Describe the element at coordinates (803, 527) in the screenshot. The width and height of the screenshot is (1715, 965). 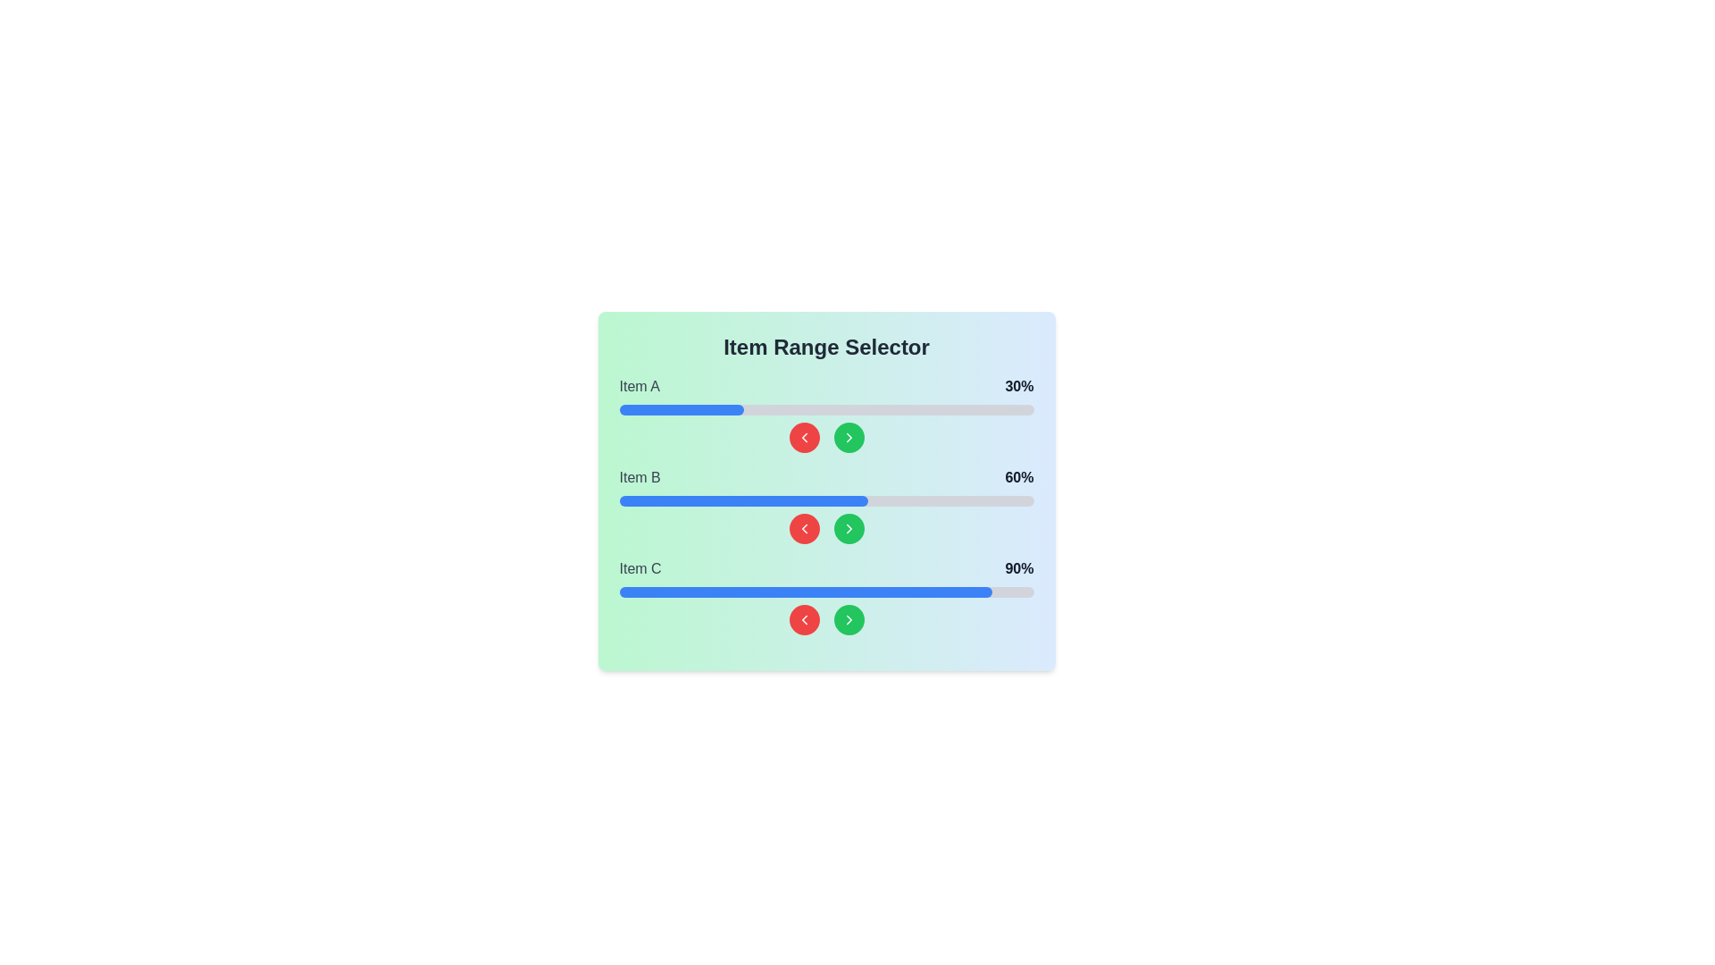
I see `the first circular button with a red background and a white chevron icon pointing to the left, located to the left of a green button in the 'Item B' section` at that location.